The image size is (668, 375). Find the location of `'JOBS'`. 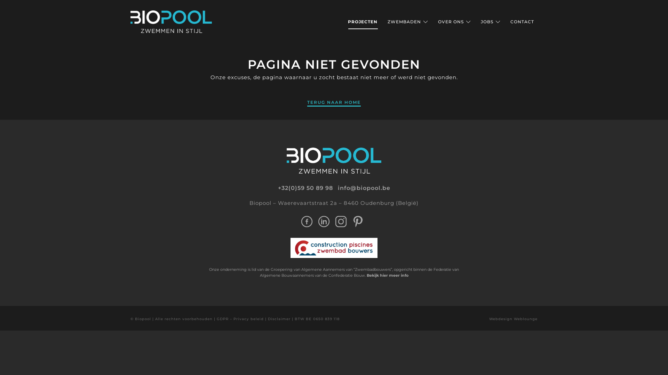

'JOBS' is located at coordinates (480, 21).